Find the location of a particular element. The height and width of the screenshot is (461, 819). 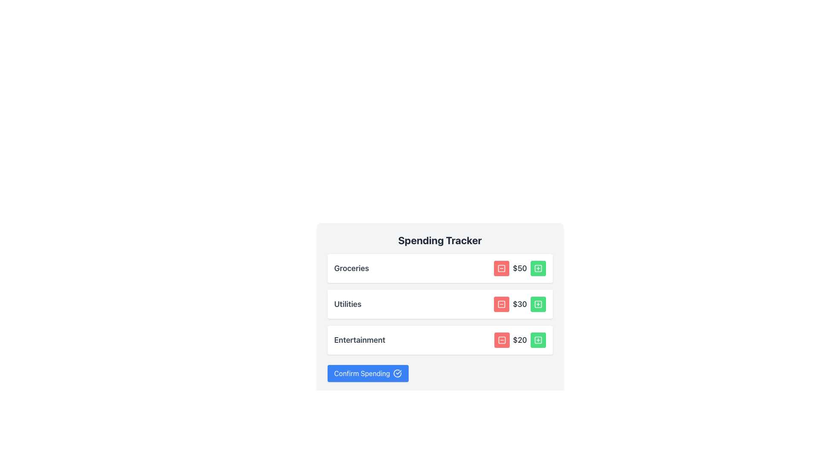

the green button with a plus sign icon located in the spending tracker panel, to the right of the '$30' label, to increase the value is located at coordinates (537, 304).